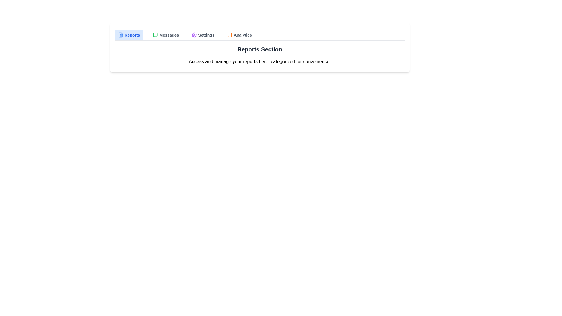 Image resolution: width=562 pixels, height=316 pixels. I want to click on the 'Settings' button, which is the third tab in the navigation bar, so click(203, 35).